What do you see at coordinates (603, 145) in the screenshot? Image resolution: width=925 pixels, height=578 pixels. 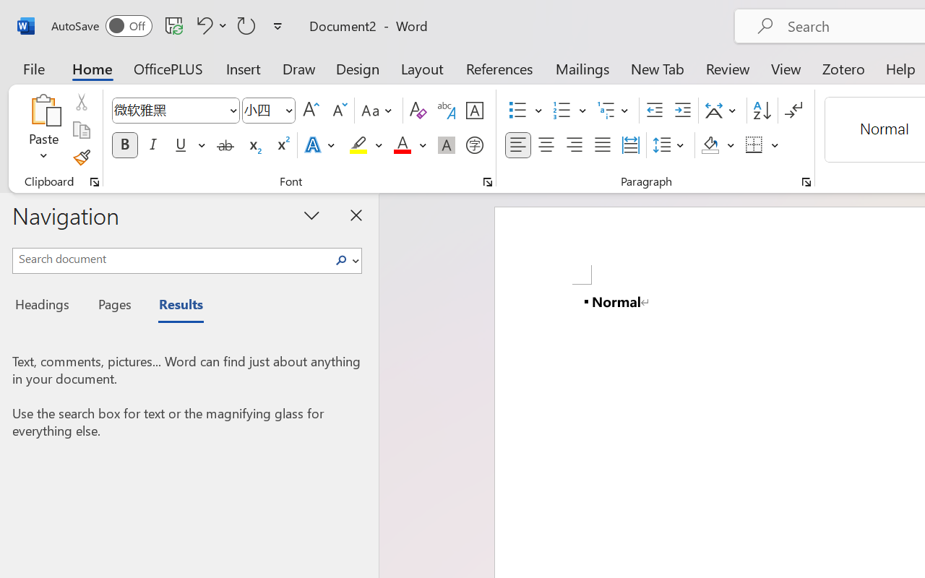 I see `'Justify'` at bounding box center [603, 145].